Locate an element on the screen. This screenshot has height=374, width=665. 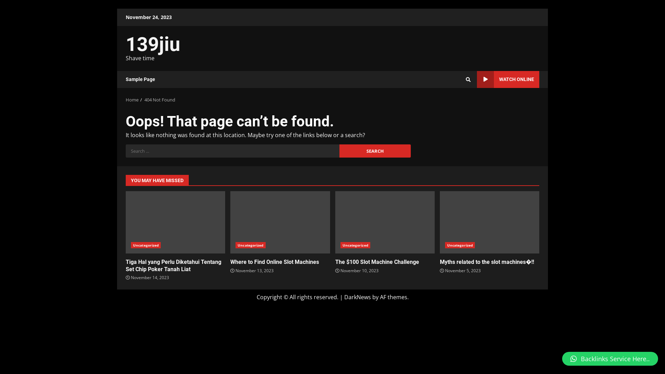
'Home' is located at coordinates (132, 100).